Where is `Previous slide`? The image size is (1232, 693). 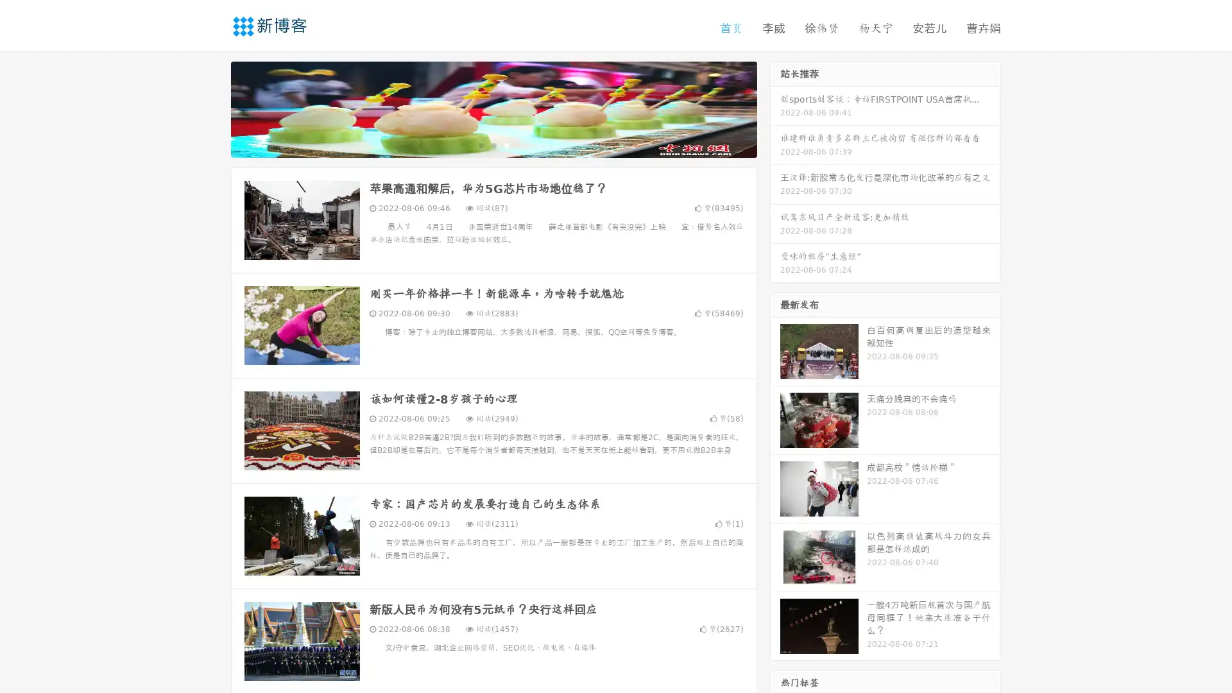 Previous slide is located at coordinates (212, 108).